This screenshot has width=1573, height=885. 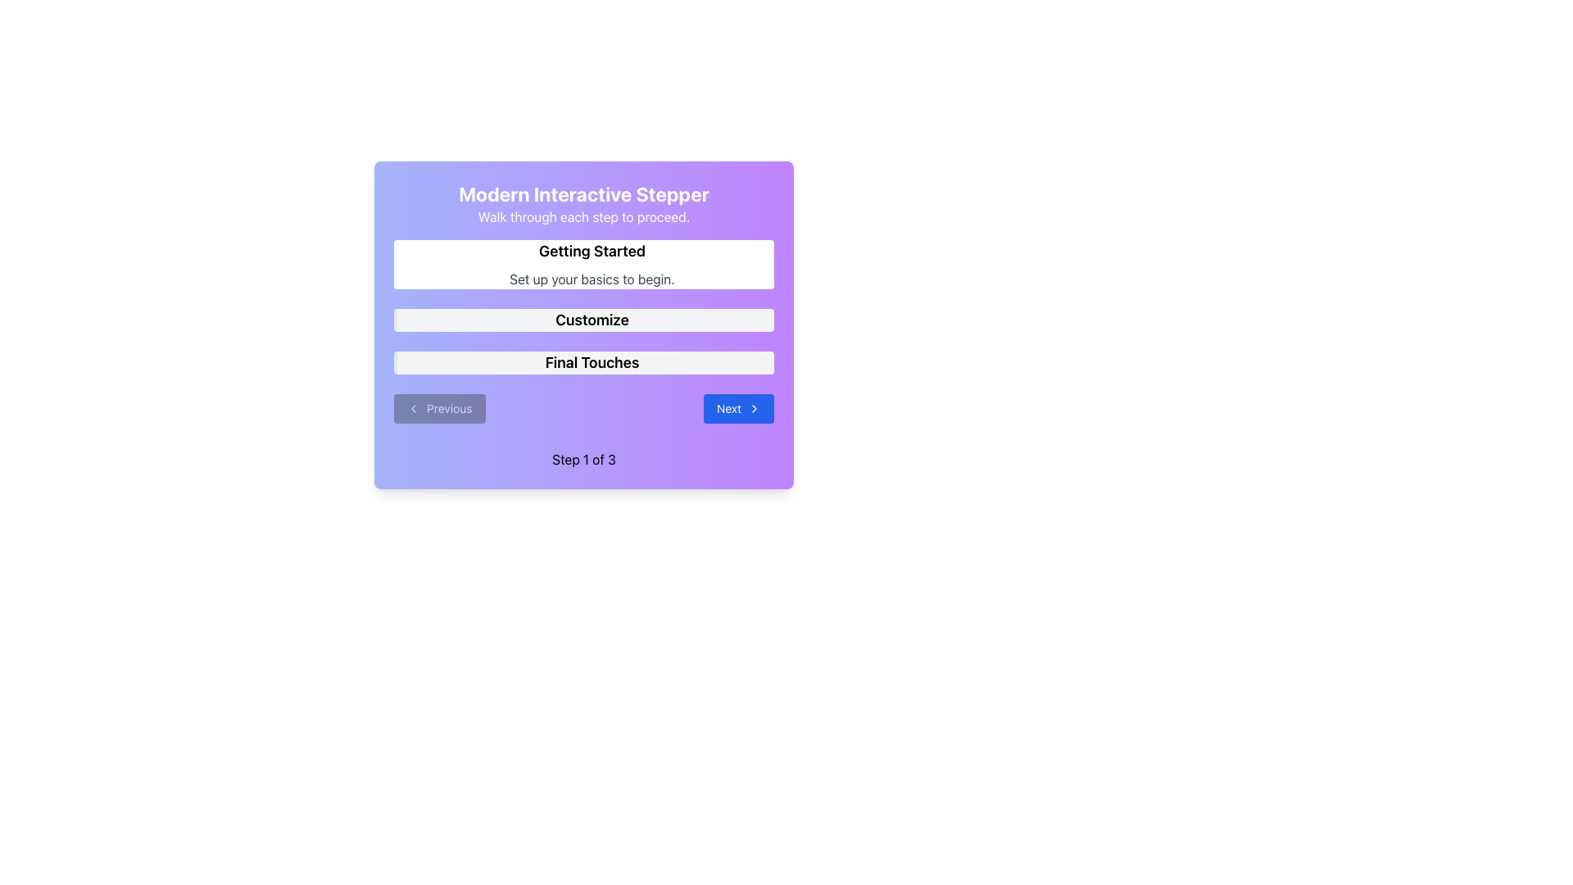 What do you see at coordinates (592, 362) in the screenshot?
I see `text of the heading element located below the 'Customize' heading and above the navigation buttons in the stepper interface` at bounding box center [592, 362].